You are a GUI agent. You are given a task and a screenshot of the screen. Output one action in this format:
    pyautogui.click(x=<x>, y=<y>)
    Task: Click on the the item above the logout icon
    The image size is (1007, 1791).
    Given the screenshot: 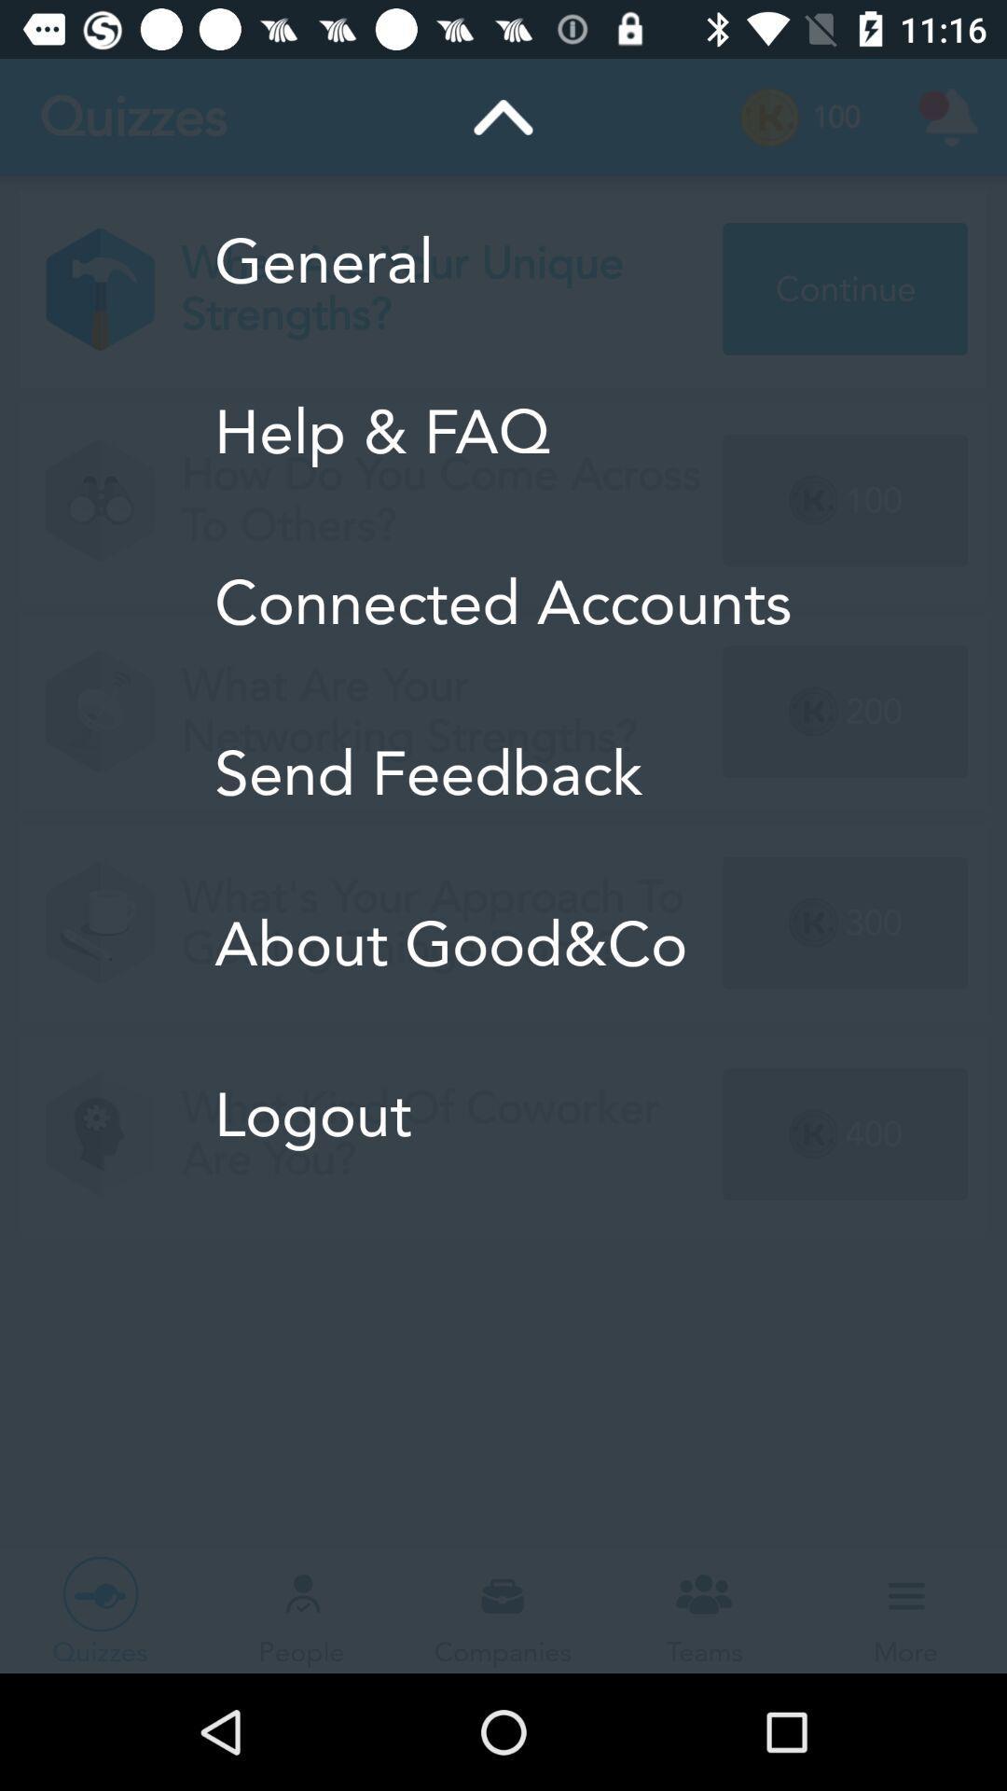 What is the action you would take?
    pyautogui.click(x=502, y=944)
    